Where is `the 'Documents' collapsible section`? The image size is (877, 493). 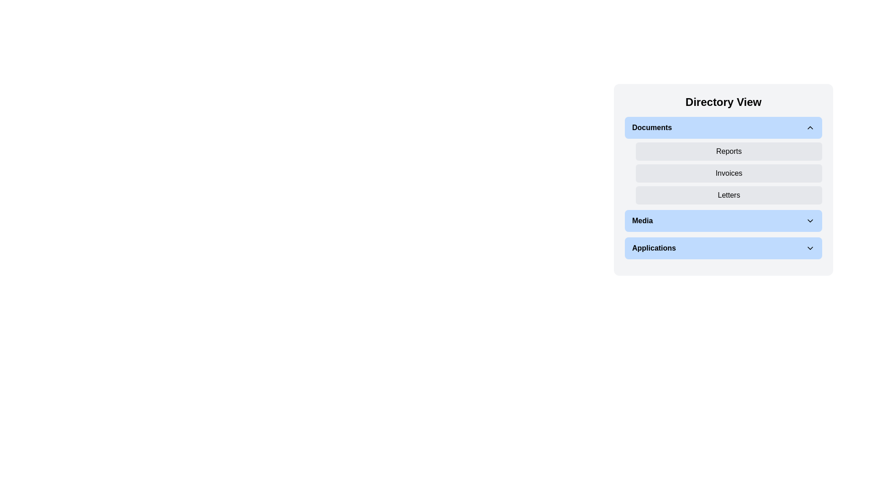 the 'Documents' collapsible section is located at coordinates (723, 160).